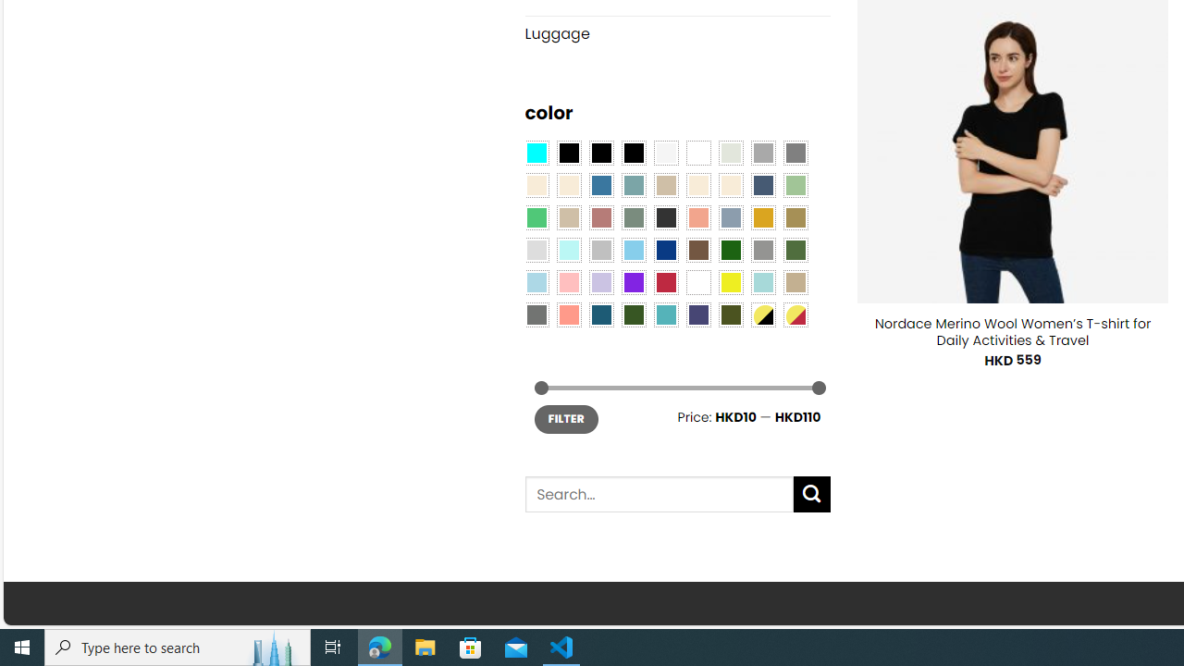 This screenshot has width=1184, height=666. What do you see at coordinates (762, 313) in the screenshot?
I see `'Yellow-Black'` at bounding box center [762, 313].